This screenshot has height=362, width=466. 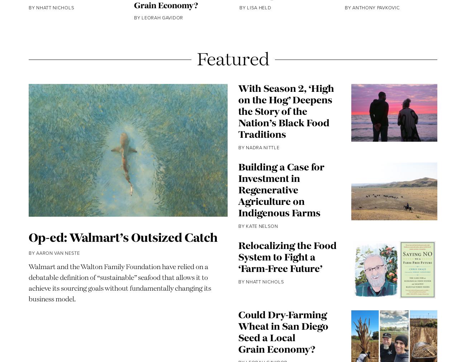 What do you see at coordinates (57, 274) in the screenshot?
I see `'Aaron Van Neste'` at bounding box center [57, 274].